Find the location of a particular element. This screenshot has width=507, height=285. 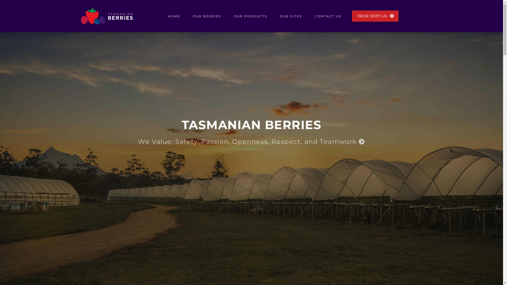

'CONTACT US' is located at coordinates (328, 16).